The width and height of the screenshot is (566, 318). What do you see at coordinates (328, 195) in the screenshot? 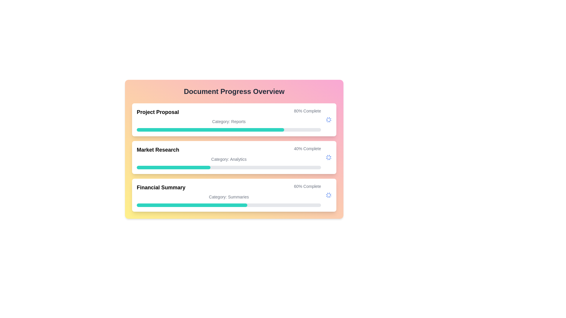
I see `the rotating loader/spinner icon styled as a blue circular spinner located to the right of the '60% Complete' text in the 'Financial Summary' section` at bounding box center [328, 195].